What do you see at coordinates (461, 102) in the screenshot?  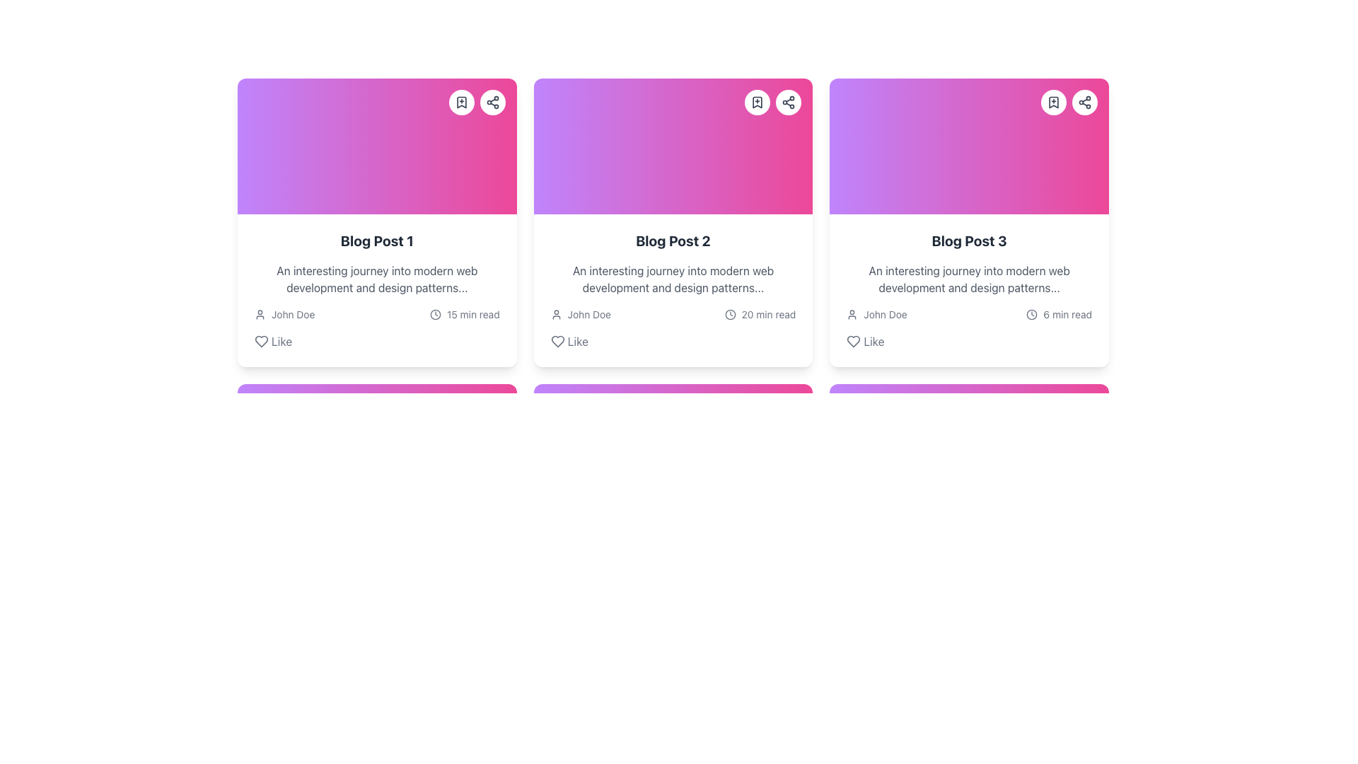 I see `the bookmark icon located at the top-right corner of the card titled 'Blog Post 1', which is the left icon among the two present` at bounding box center [461, 102].